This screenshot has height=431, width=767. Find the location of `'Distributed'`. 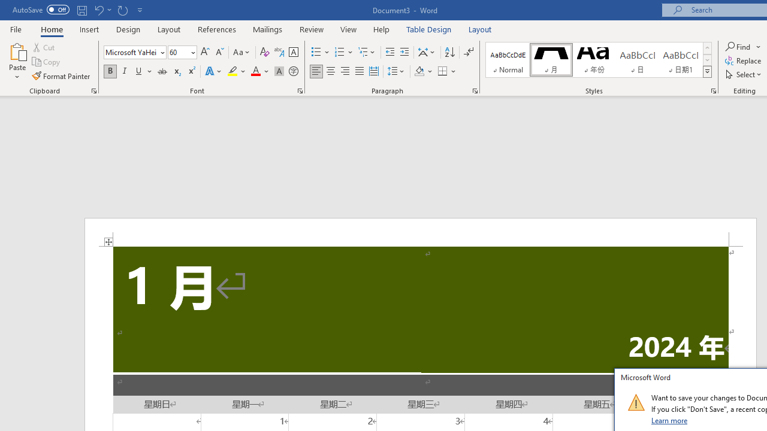

'Distributed' is located at coordinates (373, 71).